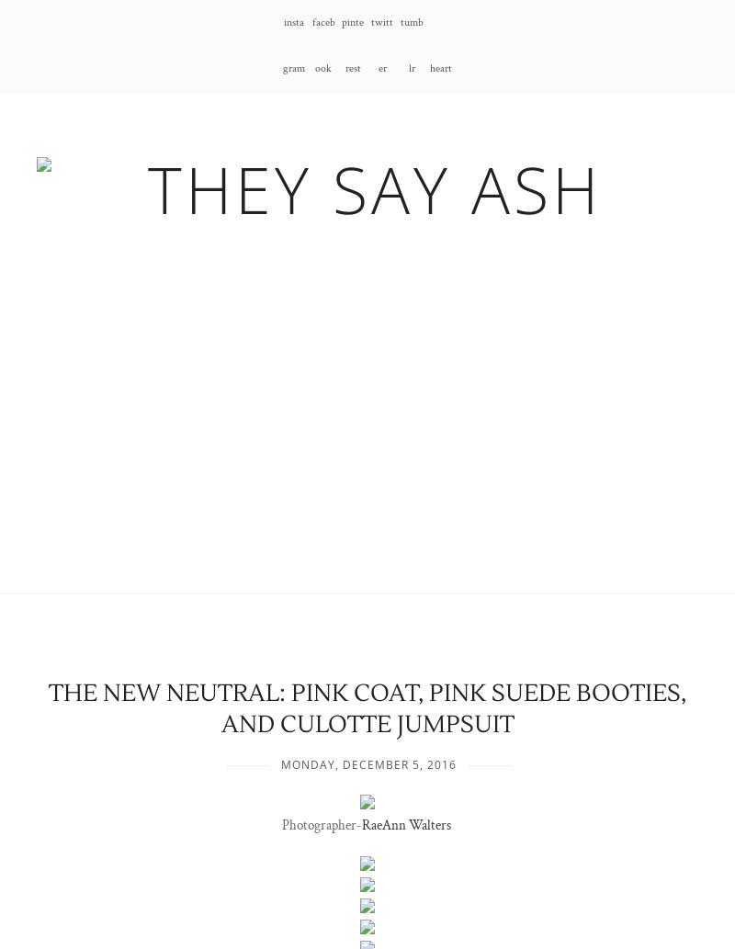  I want to click on 'instagram', so click(293, 45).